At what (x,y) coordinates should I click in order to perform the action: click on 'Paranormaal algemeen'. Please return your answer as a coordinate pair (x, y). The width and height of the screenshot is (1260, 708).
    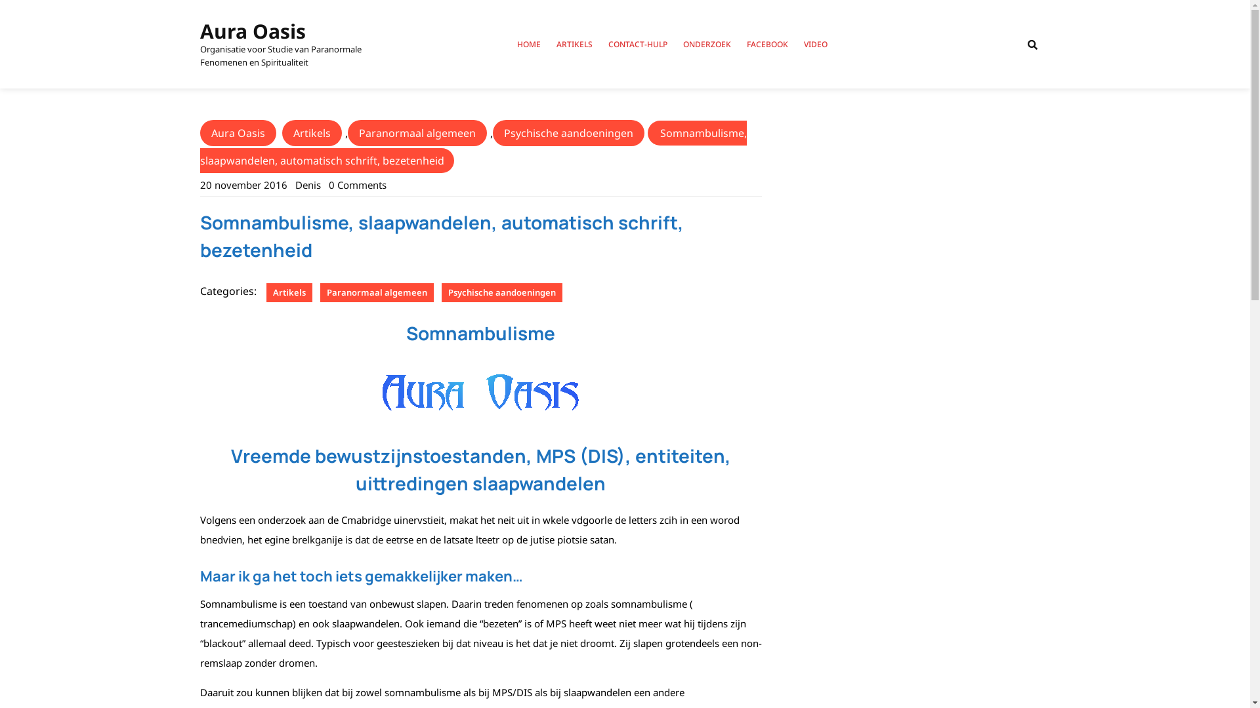
    Looking at the image, I should click on (320, 292).